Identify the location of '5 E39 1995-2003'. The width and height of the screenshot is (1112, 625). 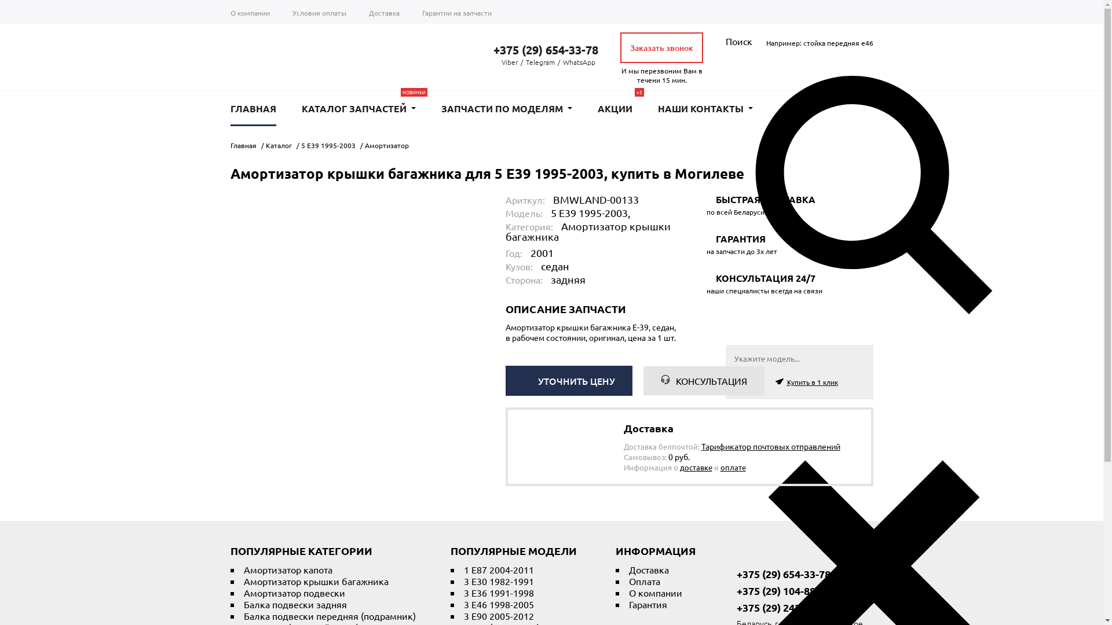
(301, 144).